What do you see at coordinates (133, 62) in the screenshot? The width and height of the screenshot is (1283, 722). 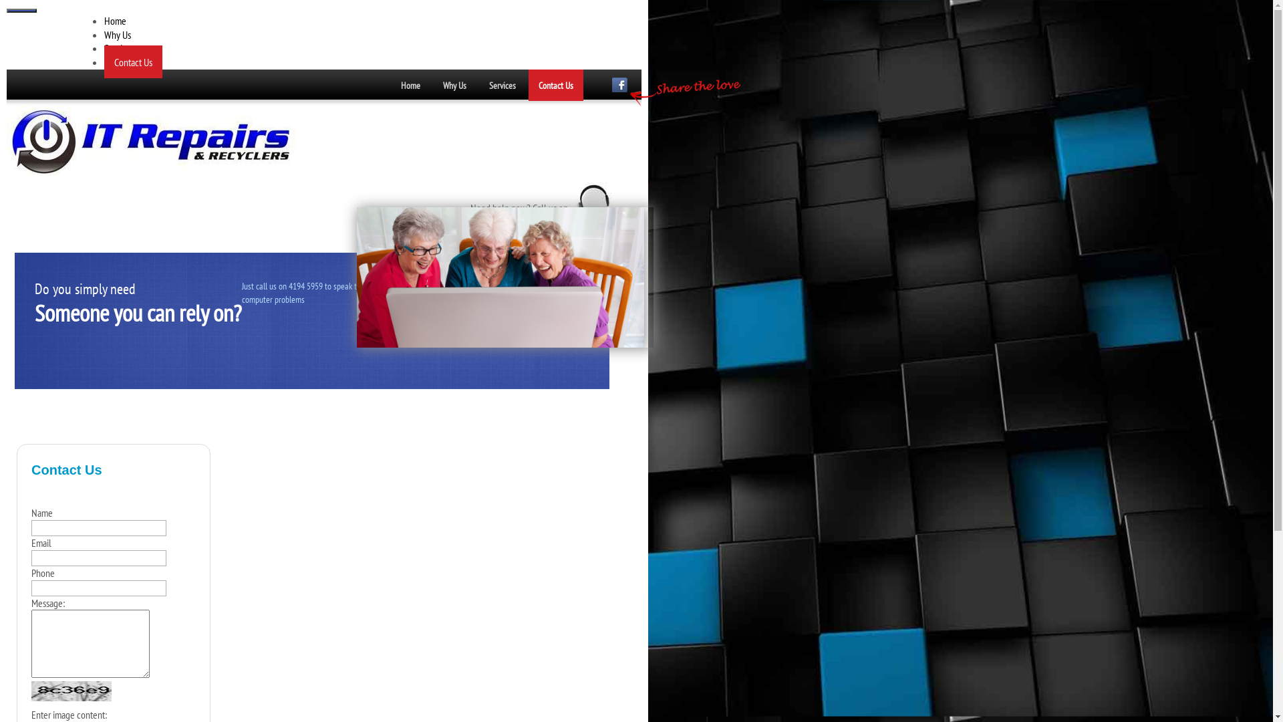 I see `'Contact Us'` at bounding box center [133, 62].